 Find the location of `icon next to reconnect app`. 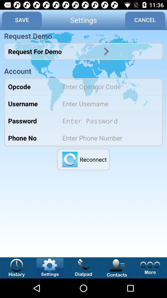

icon next to reconnect app is located at coordinates (70, 159).